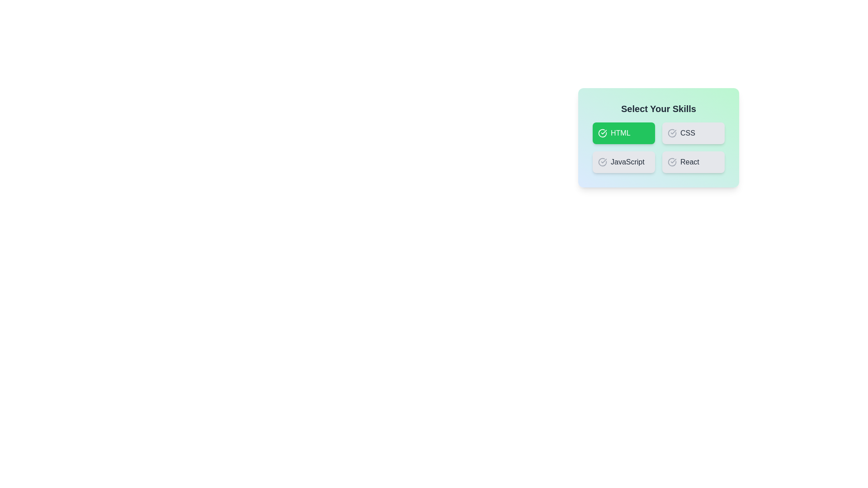 The width and height of the screenshot is (868, 488). What do you see at coordinates (693, 161) in the screenshot?
I see `the skill button corresponding to React to toggle its selection state` at bounding box center [693, 161].